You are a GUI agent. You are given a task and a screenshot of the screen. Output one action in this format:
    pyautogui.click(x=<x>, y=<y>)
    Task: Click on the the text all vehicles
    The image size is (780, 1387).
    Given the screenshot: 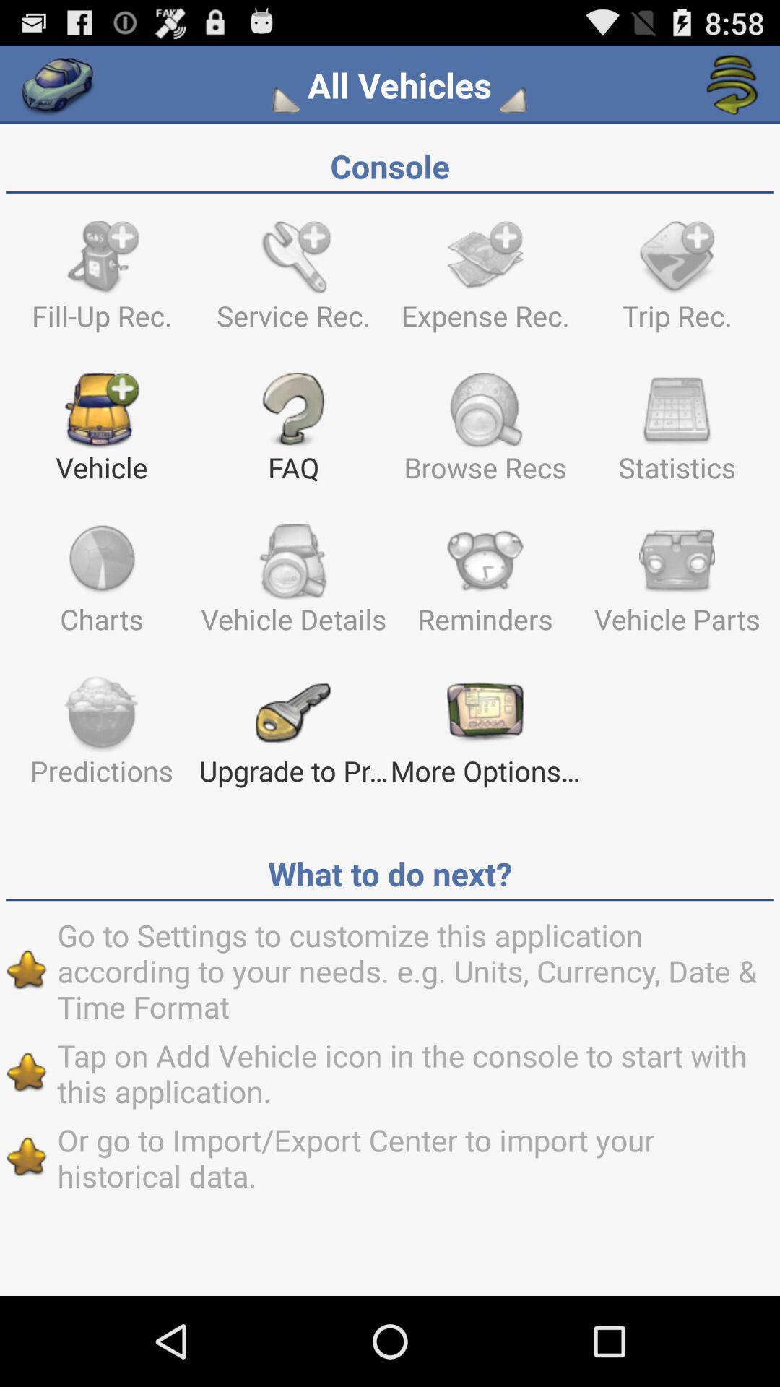 What is the action you would take?
    pyautogui.click(x=399, y=85)
    